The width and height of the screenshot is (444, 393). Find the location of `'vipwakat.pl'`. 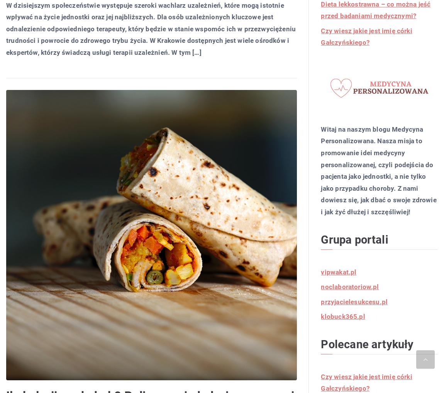

'vipwakat.pl' is located at coordinates (338, 272).